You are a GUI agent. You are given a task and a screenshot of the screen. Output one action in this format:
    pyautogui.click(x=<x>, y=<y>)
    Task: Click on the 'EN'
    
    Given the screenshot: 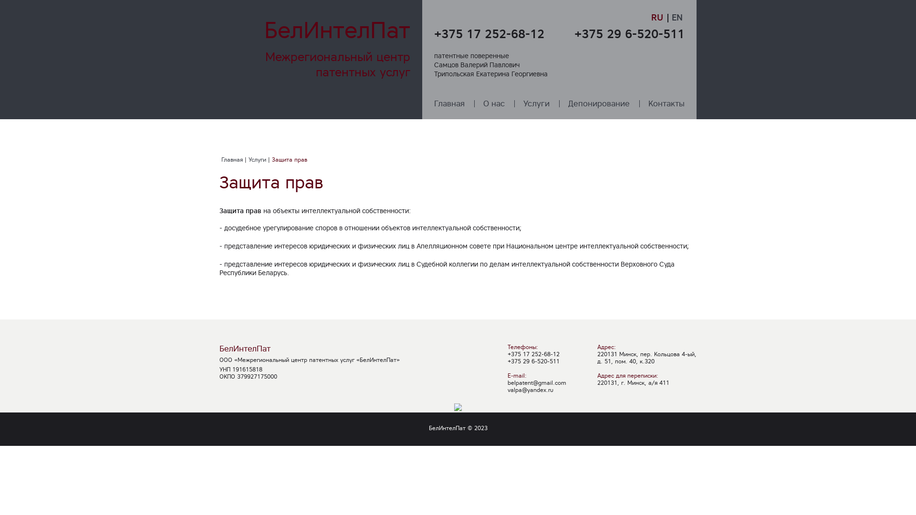 What is the action you would take?
    pyautogui.click(x=677, y=17)
    